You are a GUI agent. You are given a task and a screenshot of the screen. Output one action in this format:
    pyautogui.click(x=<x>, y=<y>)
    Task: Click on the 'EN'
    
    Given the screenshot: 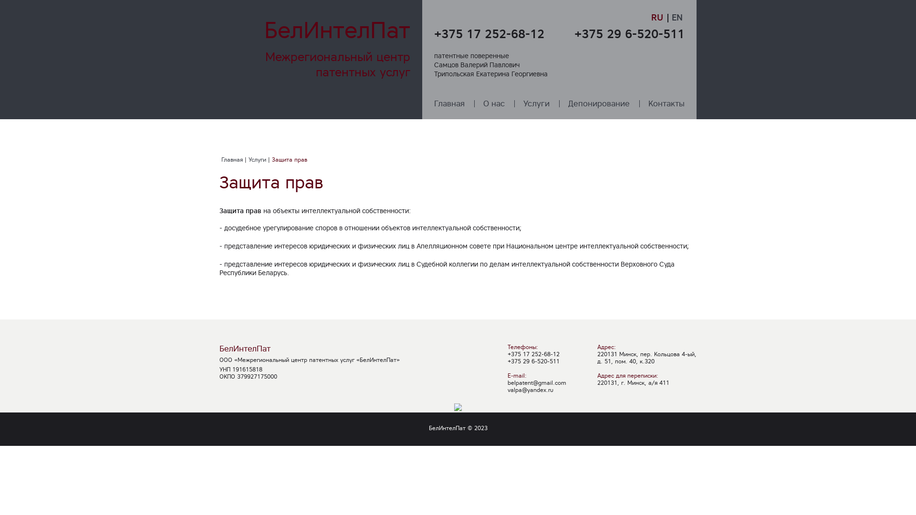 What is the action you would take?
    pyautogui.click(x=677, y=17)
    